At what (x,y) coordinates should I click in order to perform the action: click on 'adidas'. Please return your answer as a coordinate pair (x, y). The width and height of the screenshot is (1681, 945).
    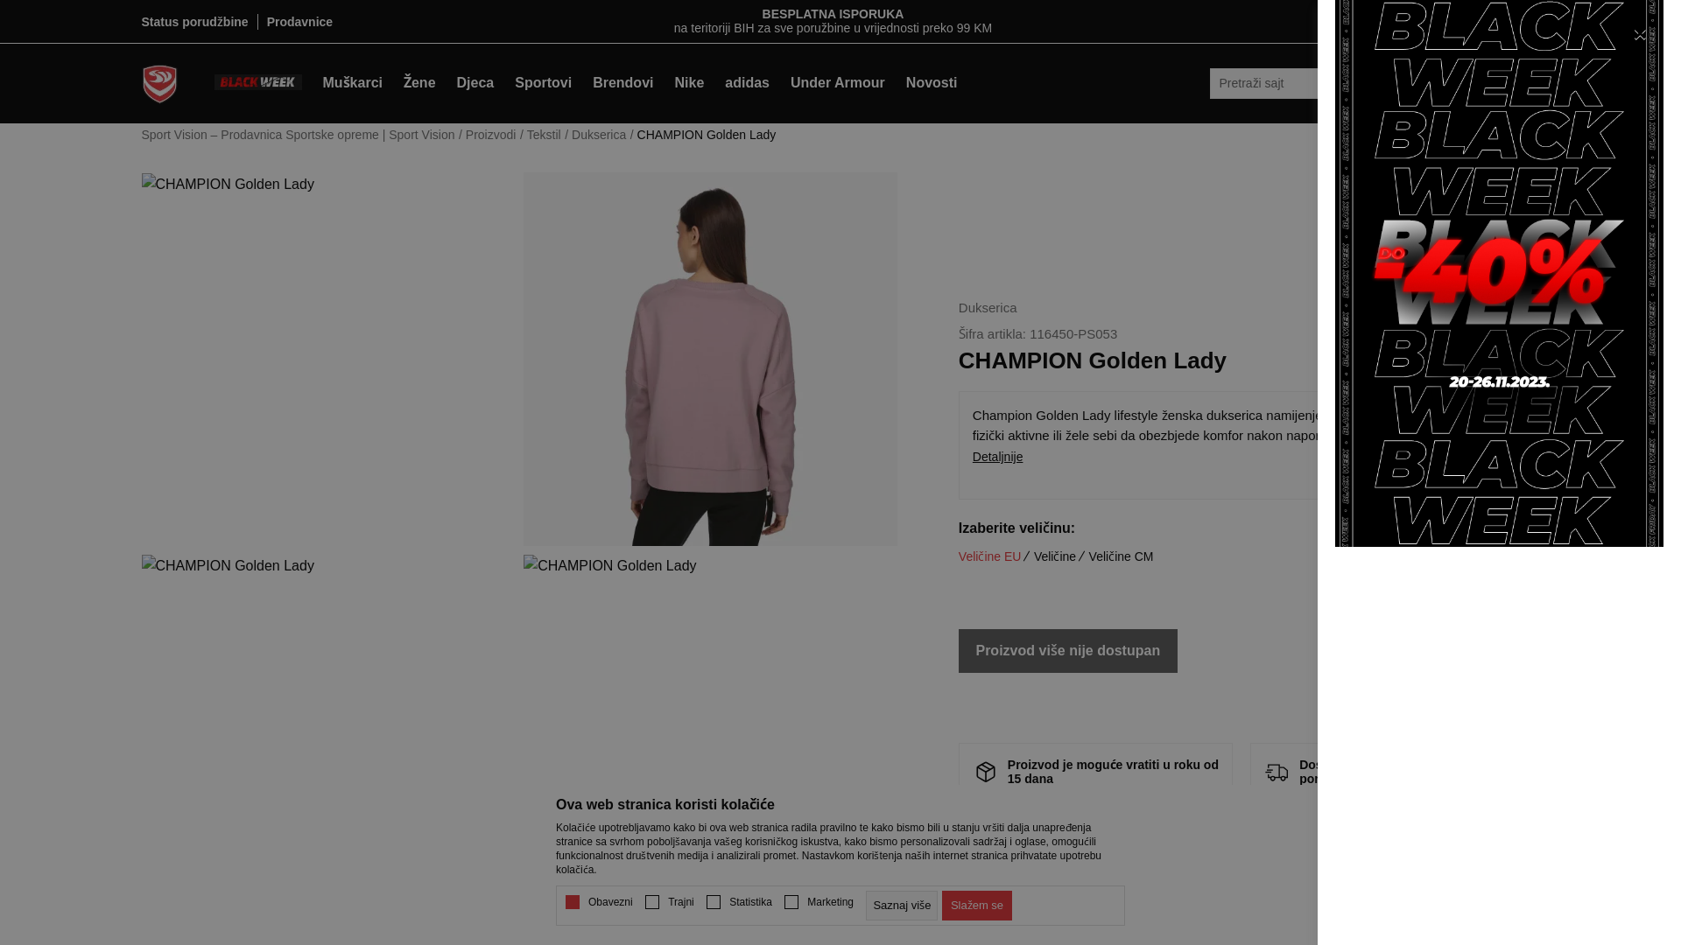
    Looking at the image, I should click on (747, 83).